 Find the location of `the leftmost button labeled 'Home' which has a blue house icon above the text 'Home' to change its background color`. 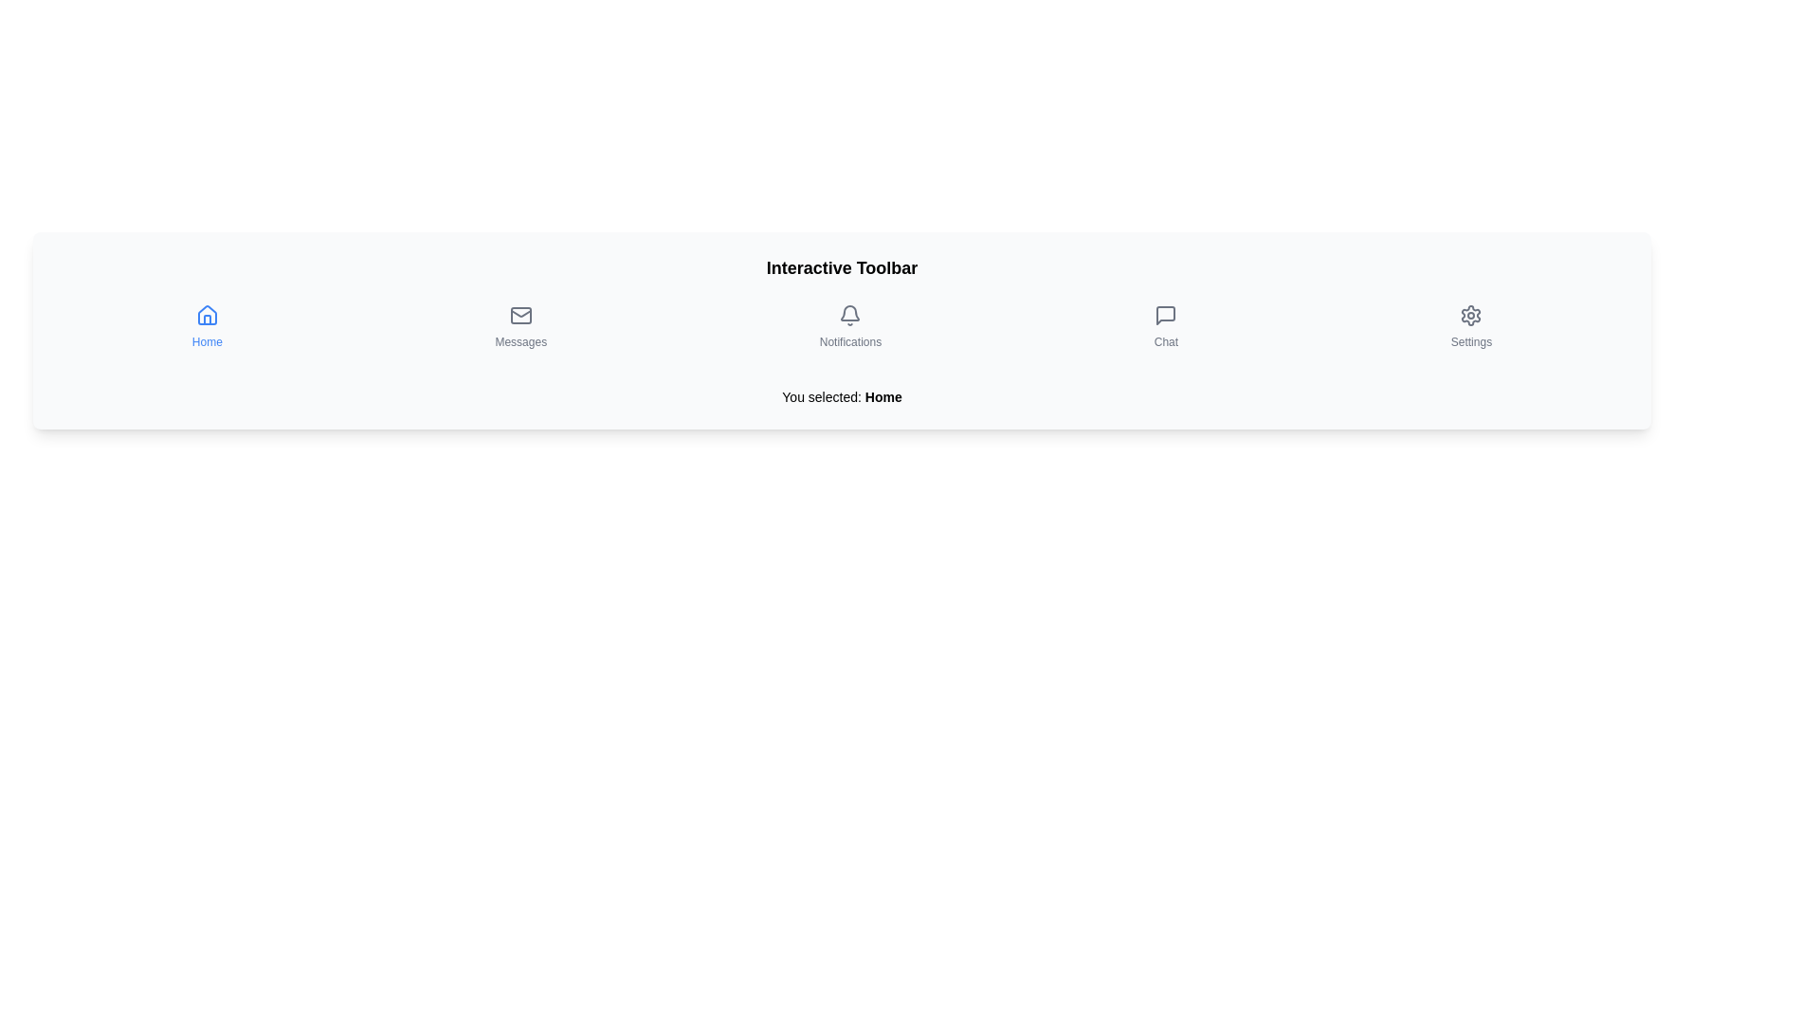

the leftmost button labeled 'Home' which has a blue house icon above the text 'Home' to change its background color is located at coordinates (207, 325).